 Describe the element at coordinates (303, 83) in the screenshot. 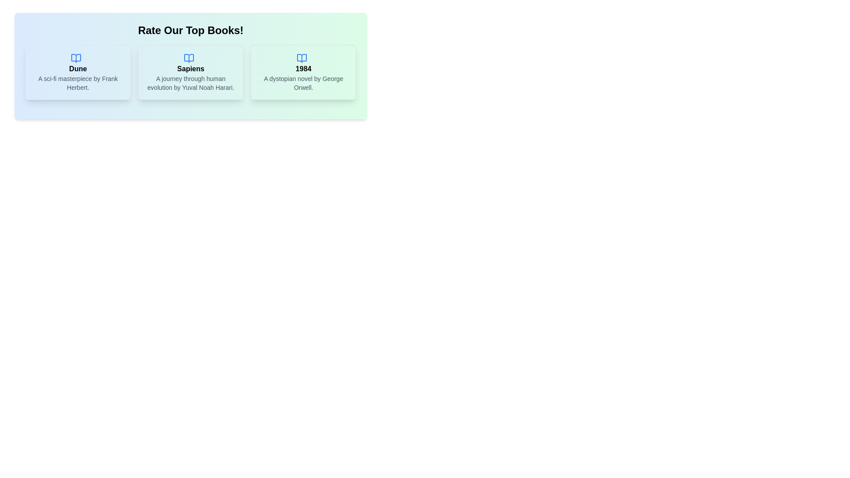

I see `the text label reading 'A dystopian novel by George Orwell.' which is styled in a smaller gray font and is located below the title '1984' in the third card of a horizontally aligned list of book cards` at that location.